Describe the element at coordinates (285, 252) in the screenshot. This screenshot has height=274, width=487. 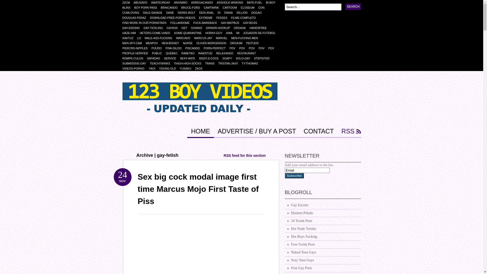
I see `'Naked Teen Gays'` at that location.